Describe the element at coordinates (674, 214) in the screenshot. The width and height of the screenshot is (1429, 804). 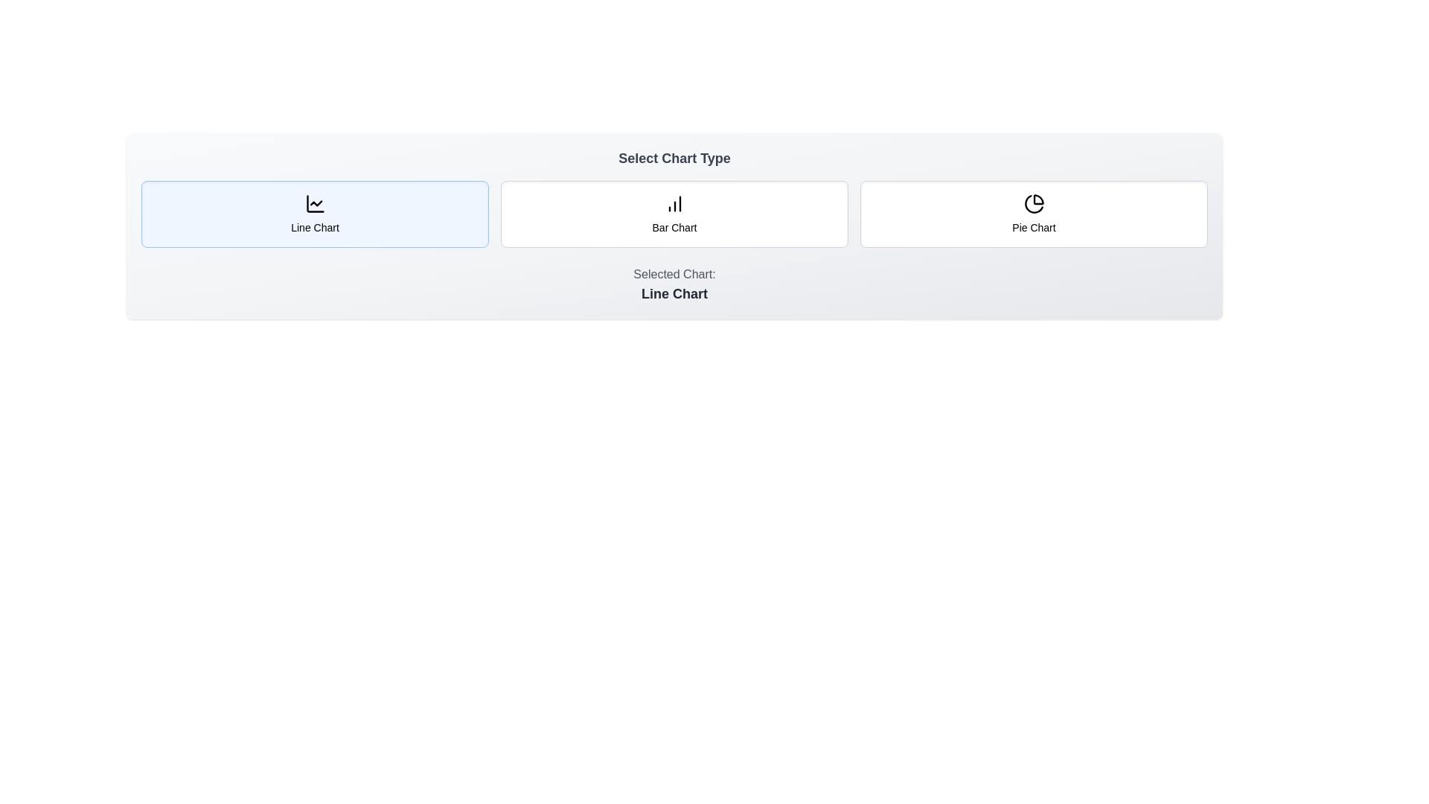
I see `the chart type button corresponding to Bar Chart` at that location.